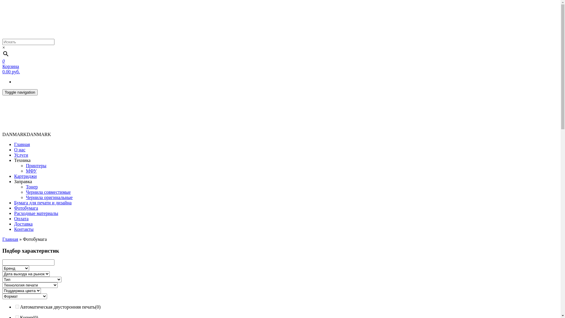 Image resolution: width=565 pixels, height=318 pixels. What do you see at coordinates (20, 92) in the screenshot?
I see `'Toggle navigation'` at bounding box center [20, 92].